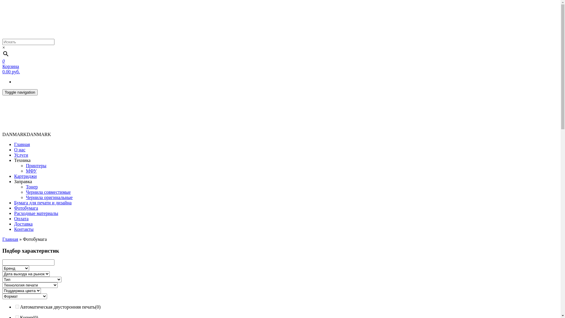 Image resolution: width=565 pixels, height=318 pixels. What do you see at coordinates (20, 92) in the screenshot?
I see `'Toggle navigation'` at bounding box center [20, 92].